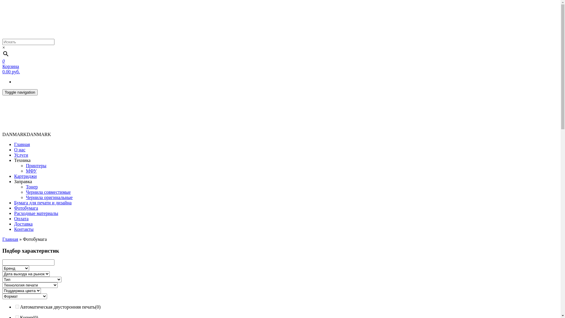 Image resolution: width=565 pixels, height=318 pixels. What do you see at coordinates (20, 92) in the screenshot?
I see `'Toggle navigation'` at bounding box center [20, 92].